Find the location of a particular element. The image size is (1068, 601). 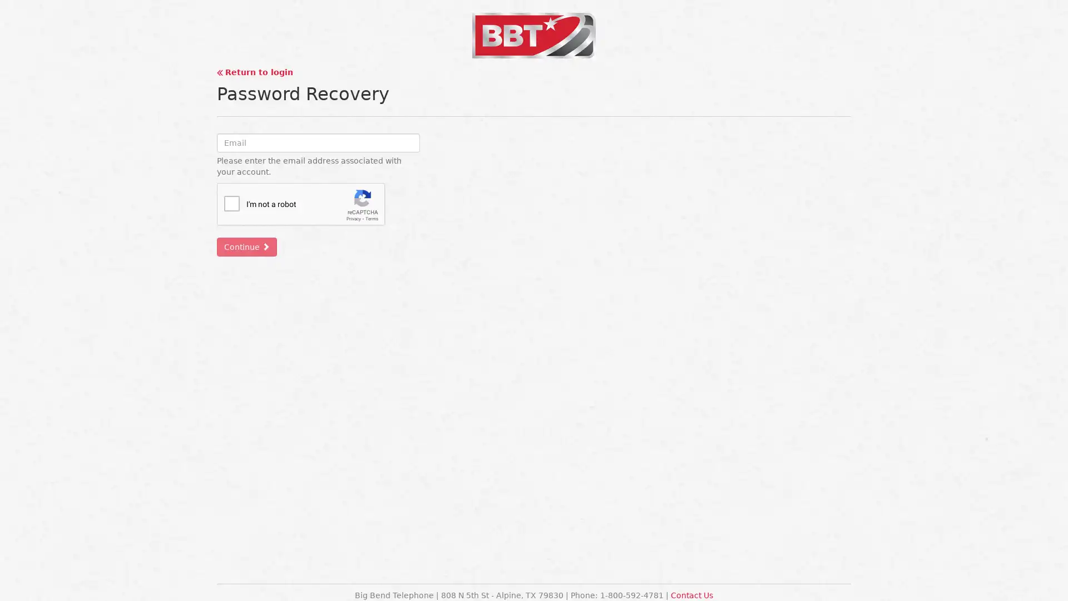

Continue is located at coordinates (246, 246).